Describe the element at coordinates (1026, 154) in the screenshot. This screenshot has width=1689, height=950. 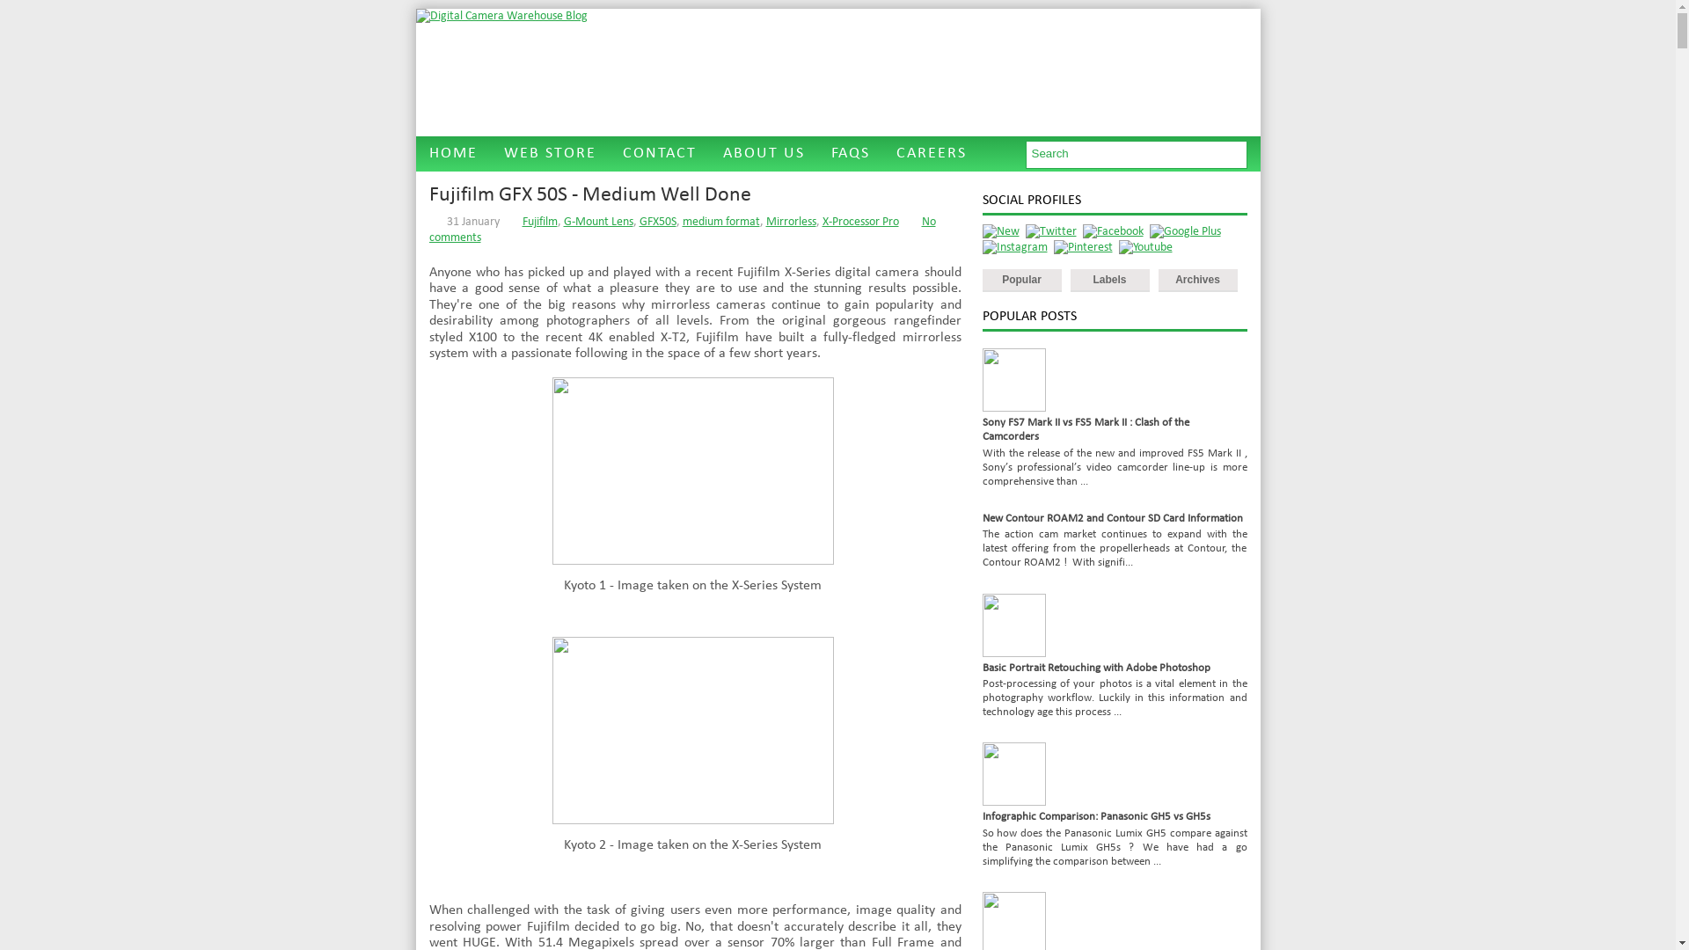
I see `'Type and hit enter'` at that location.